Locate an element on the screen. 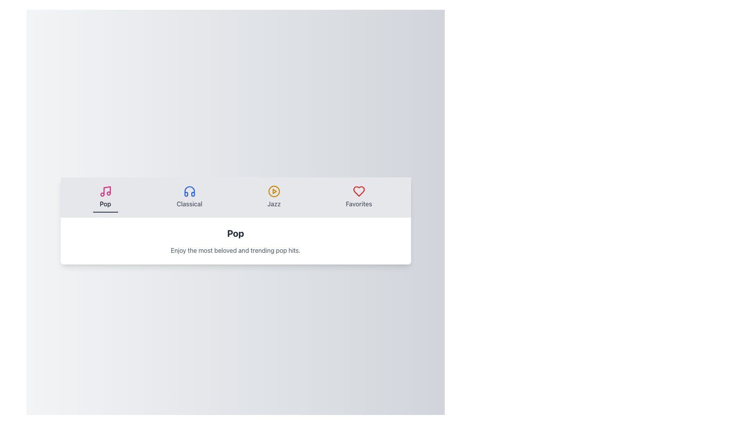 This screenshot has height=422, width=751. the red heart icon button labeled 'Favorites' in the navigation bar is located at coordinates (358, 197).